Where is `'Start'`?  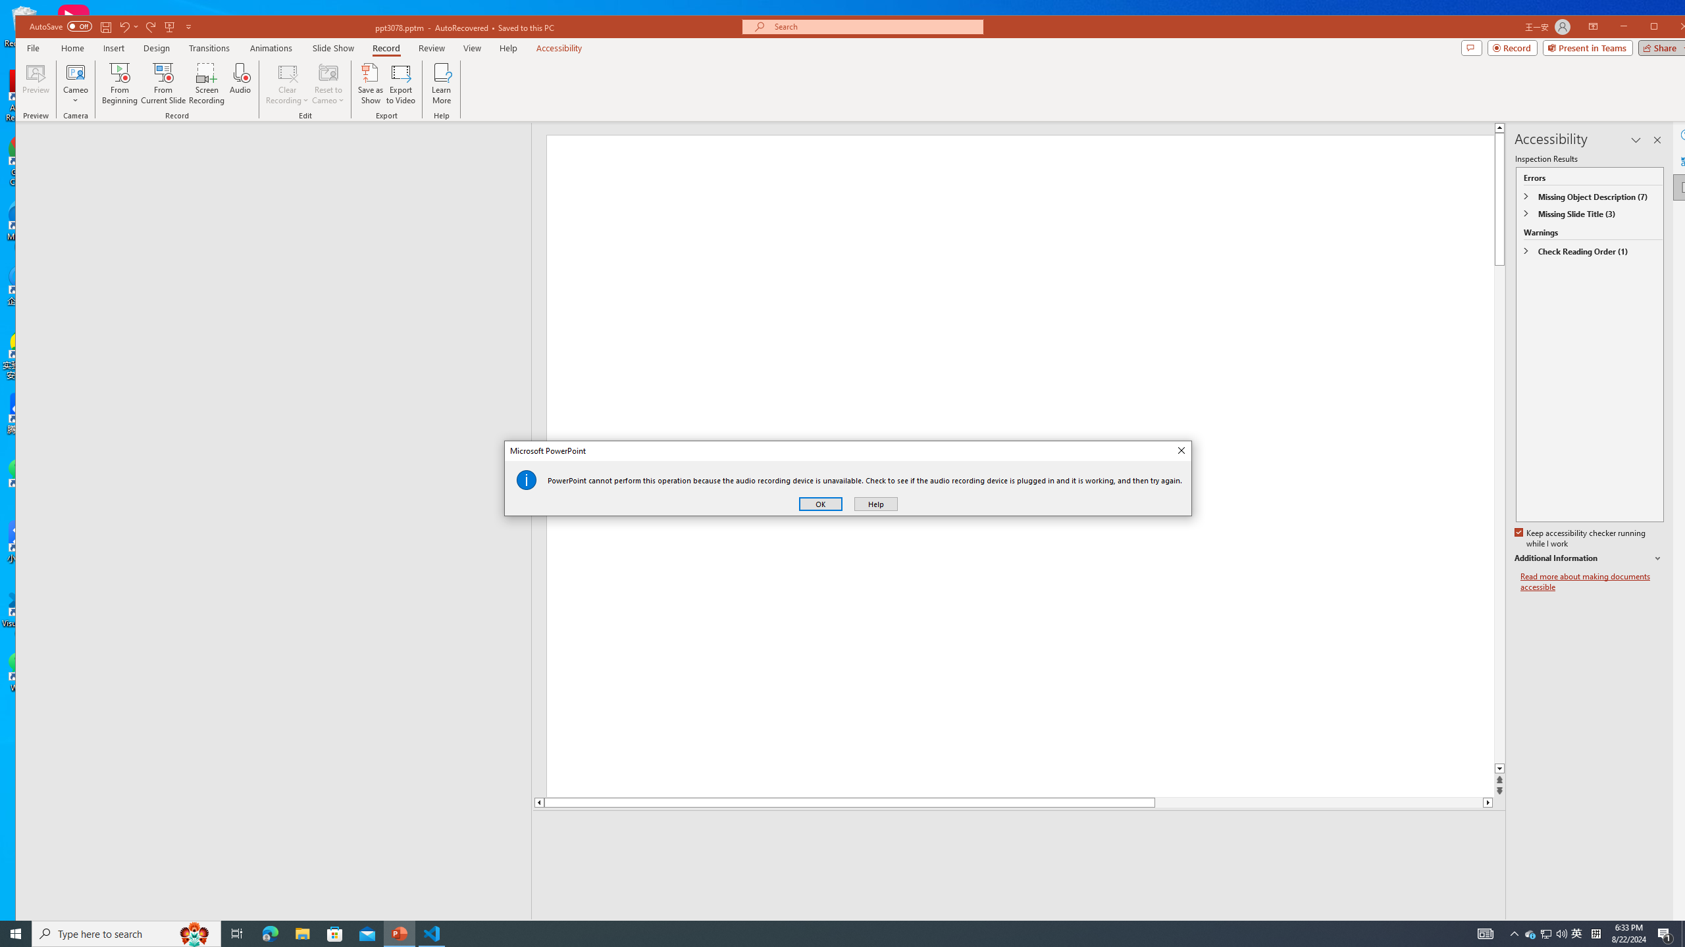
'Start' is located at coordinates (16, 933).